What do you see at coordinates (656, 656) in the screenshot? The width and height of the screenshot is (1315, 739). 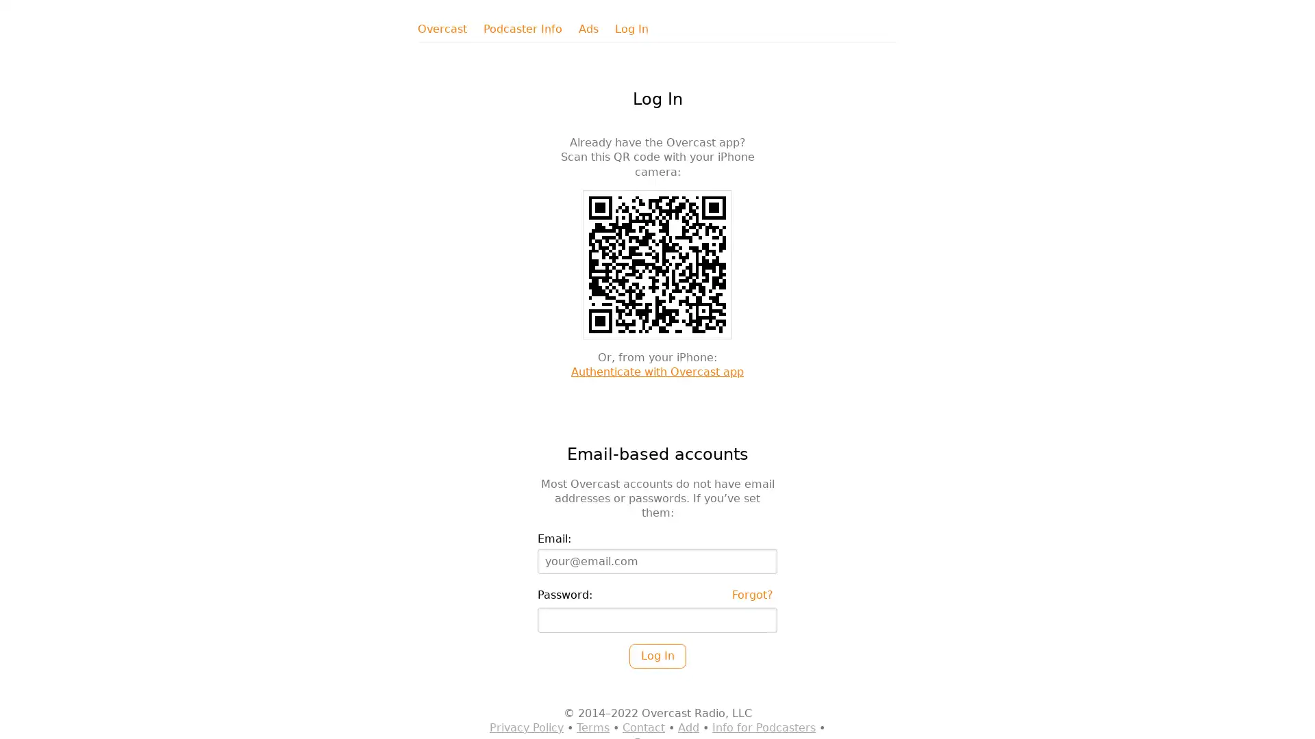 I see `Log In` at bounding box center [656, 656].